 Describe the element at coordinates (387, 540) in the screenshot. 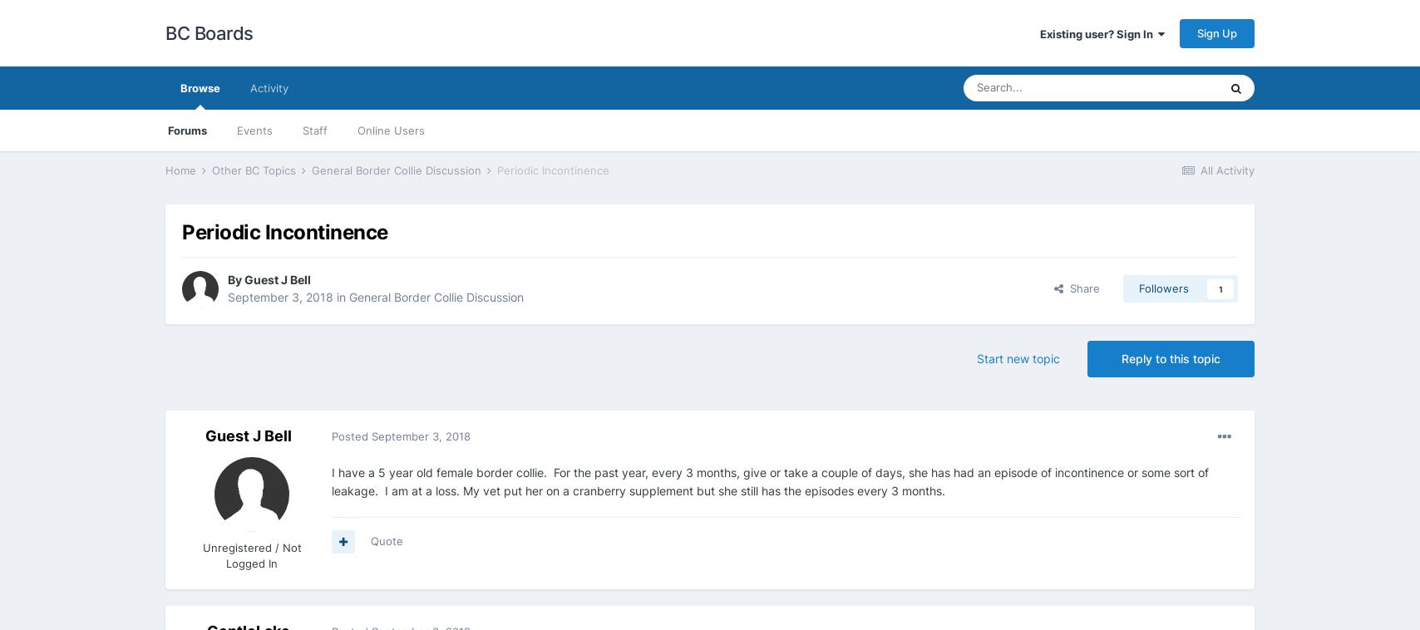

I see `'Quote'` at that location.